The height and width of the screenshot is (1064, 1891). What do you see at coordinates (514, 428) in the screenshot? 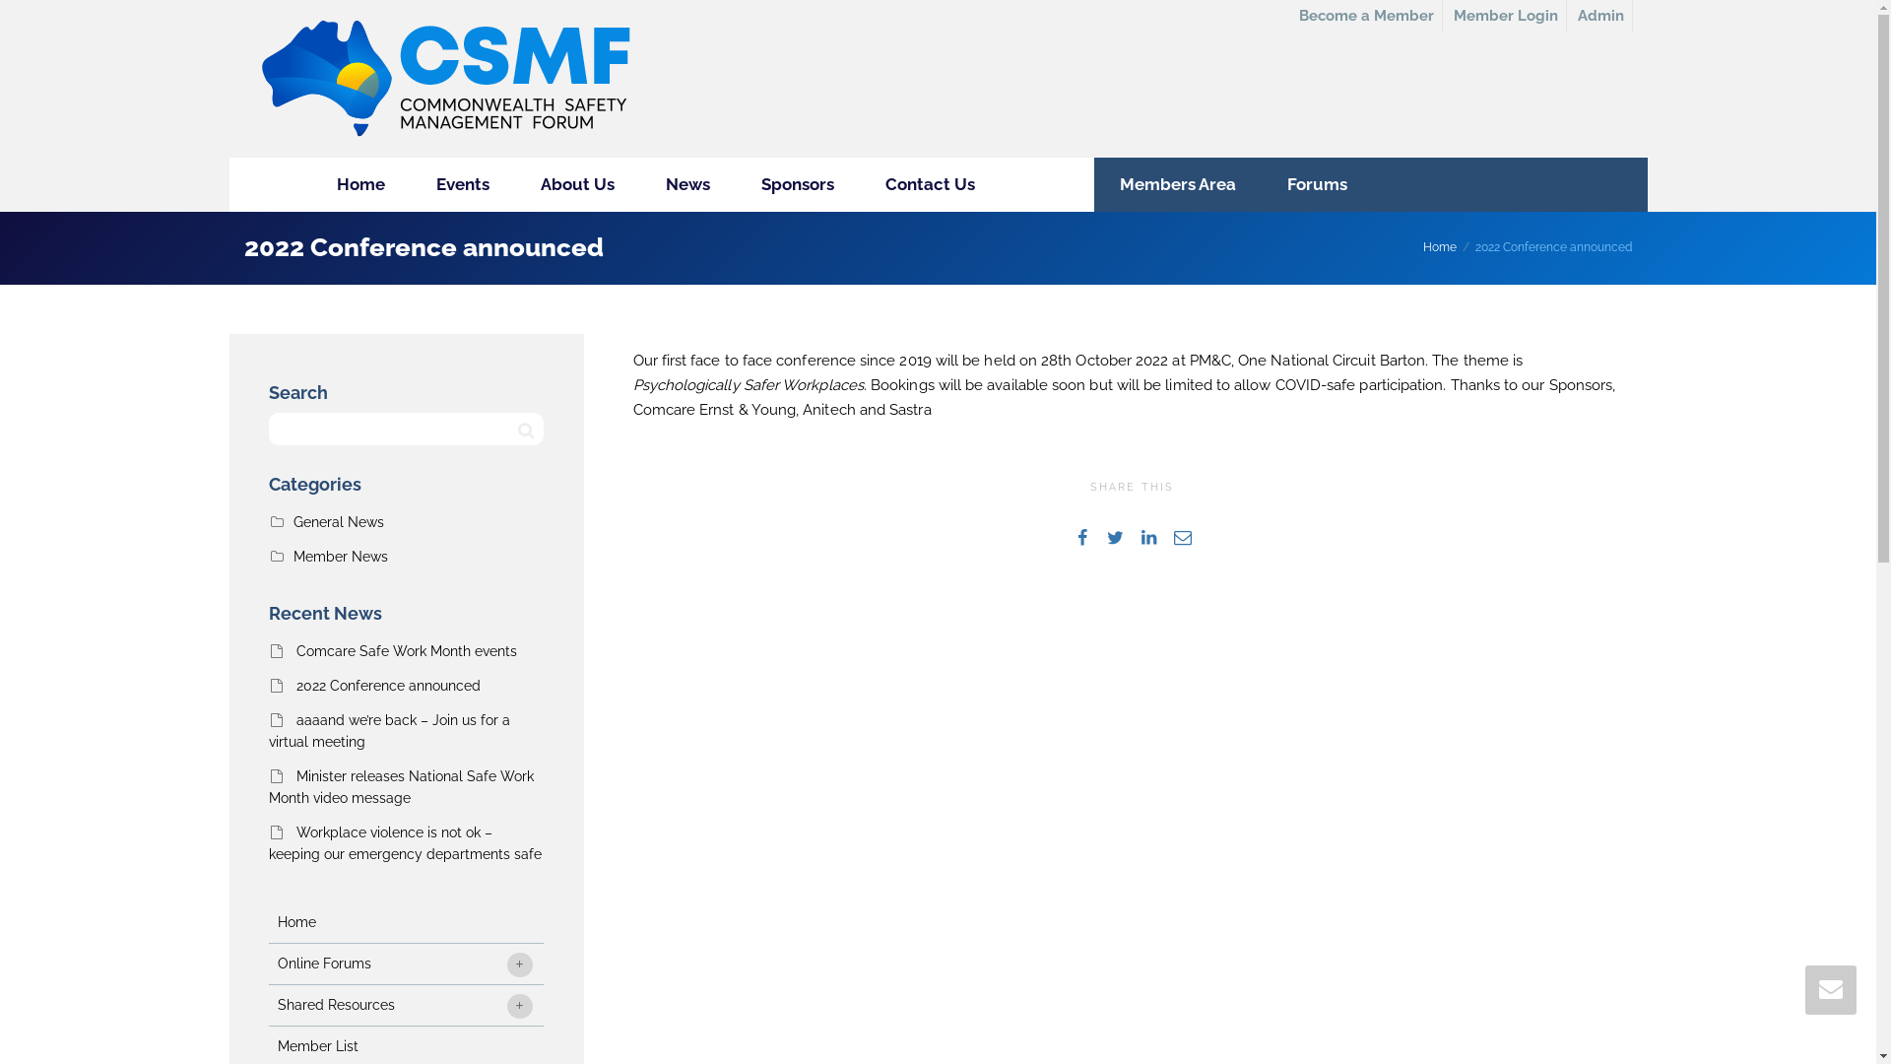
I see `'Search'` at bounding box center [514, 428].